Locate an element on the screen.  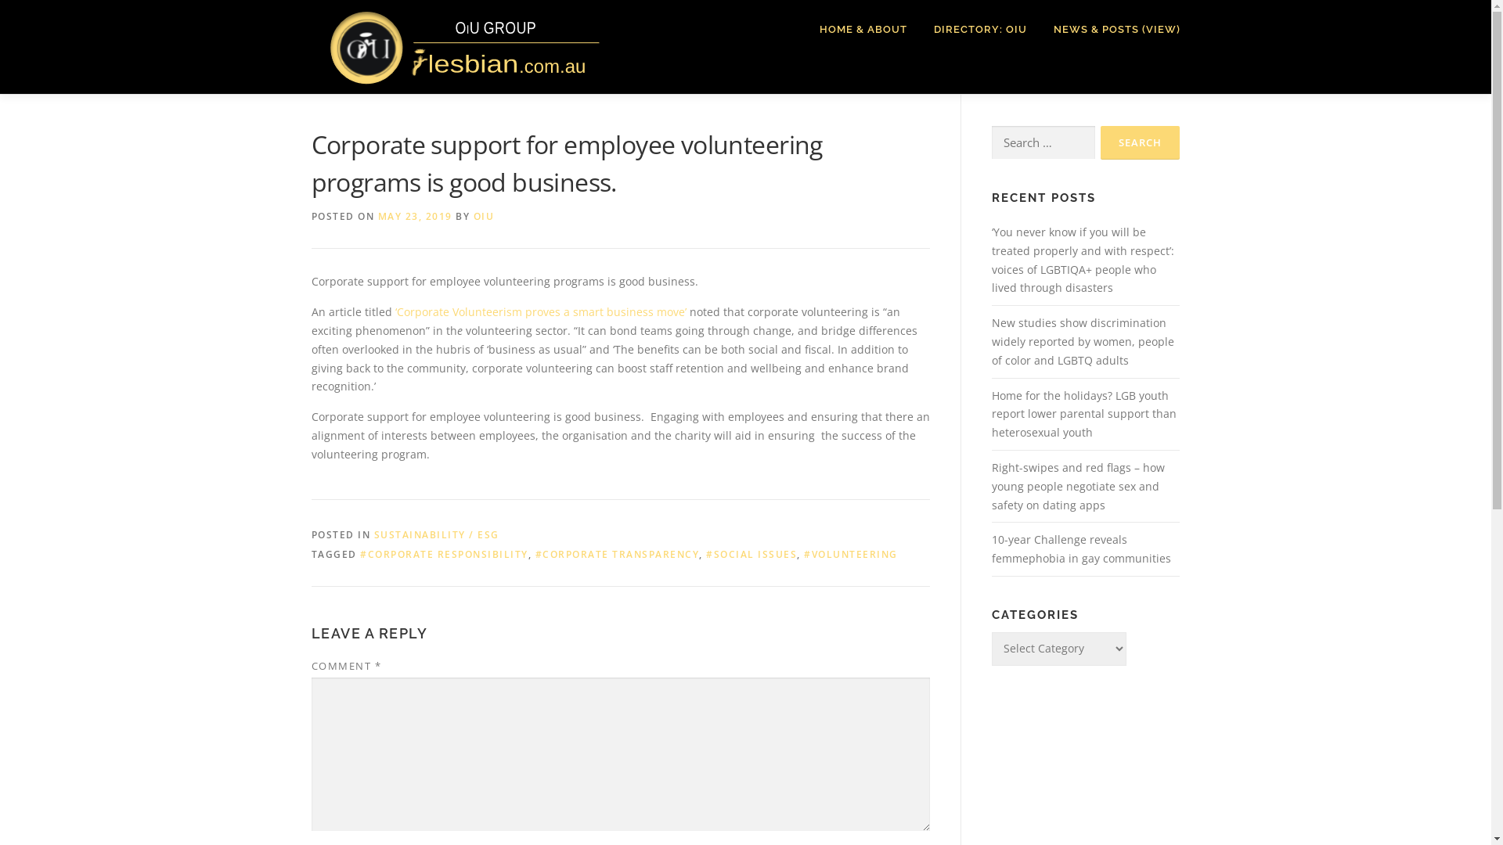
'#SOCIAL ISSUES' is located at coordinates (751, 553).